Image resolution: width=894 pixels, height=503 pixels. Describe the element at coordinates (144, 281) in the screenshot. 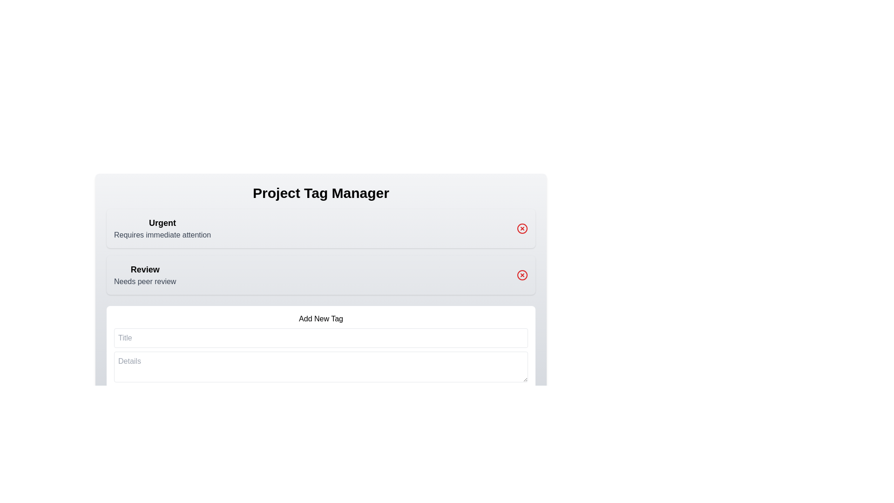

I see `status information from the text label located directly below the 'Review' tag within the panel` at that location.